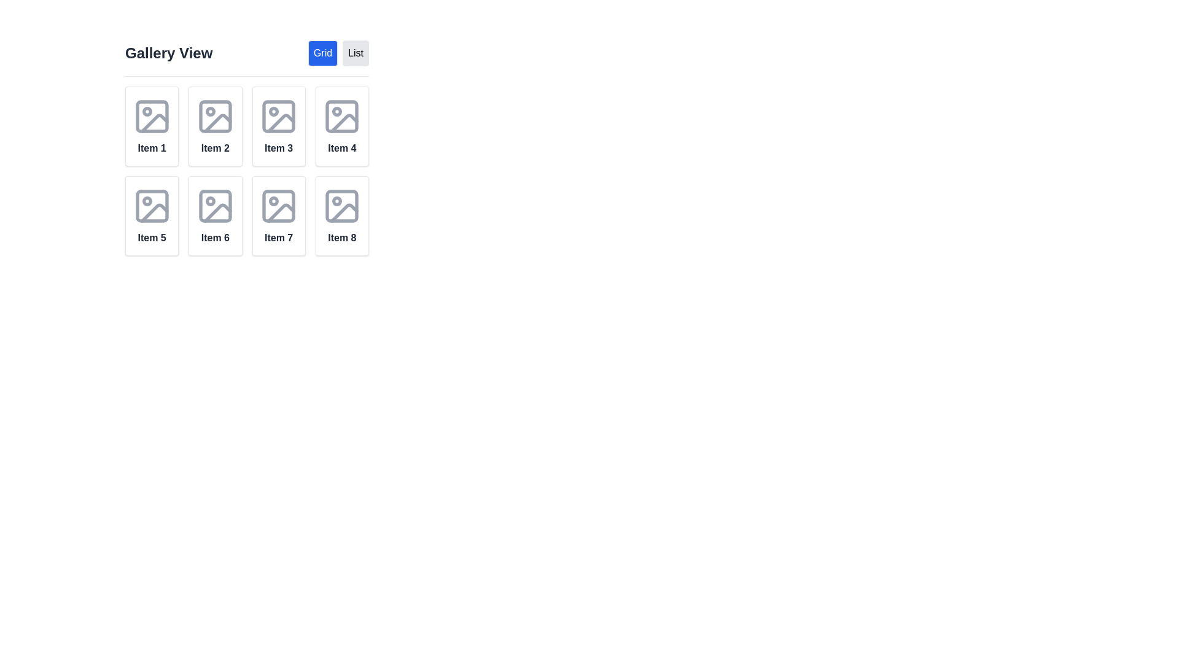 The width and height of the screenshot is (1179, 663). Describe the element at coordinates (147, 111) in the screenshot. I see `the decorative indicator located within the placeholder icon for 'Item 1' in the gallery grid, positioned toward the upper-left of the placeholder frame` at that location.